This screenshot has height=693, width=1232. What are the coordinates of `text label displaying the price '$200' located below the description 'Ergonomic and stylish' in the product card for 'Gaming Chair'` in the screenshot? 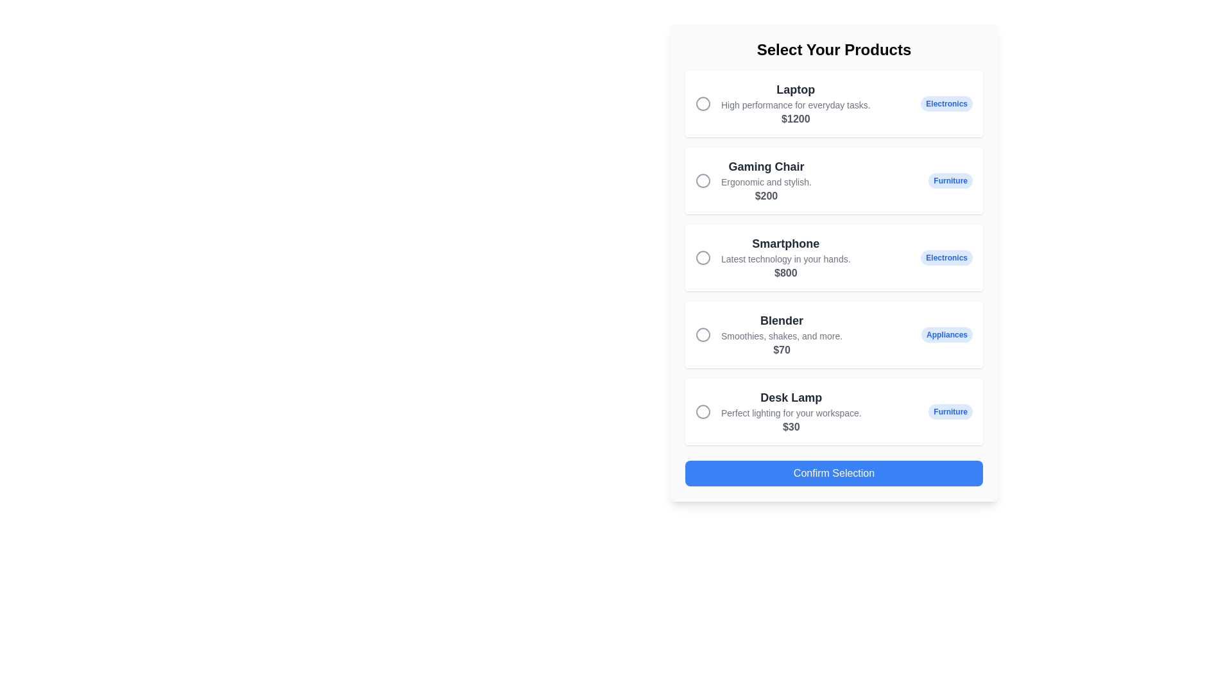 It's located at (766, 196).